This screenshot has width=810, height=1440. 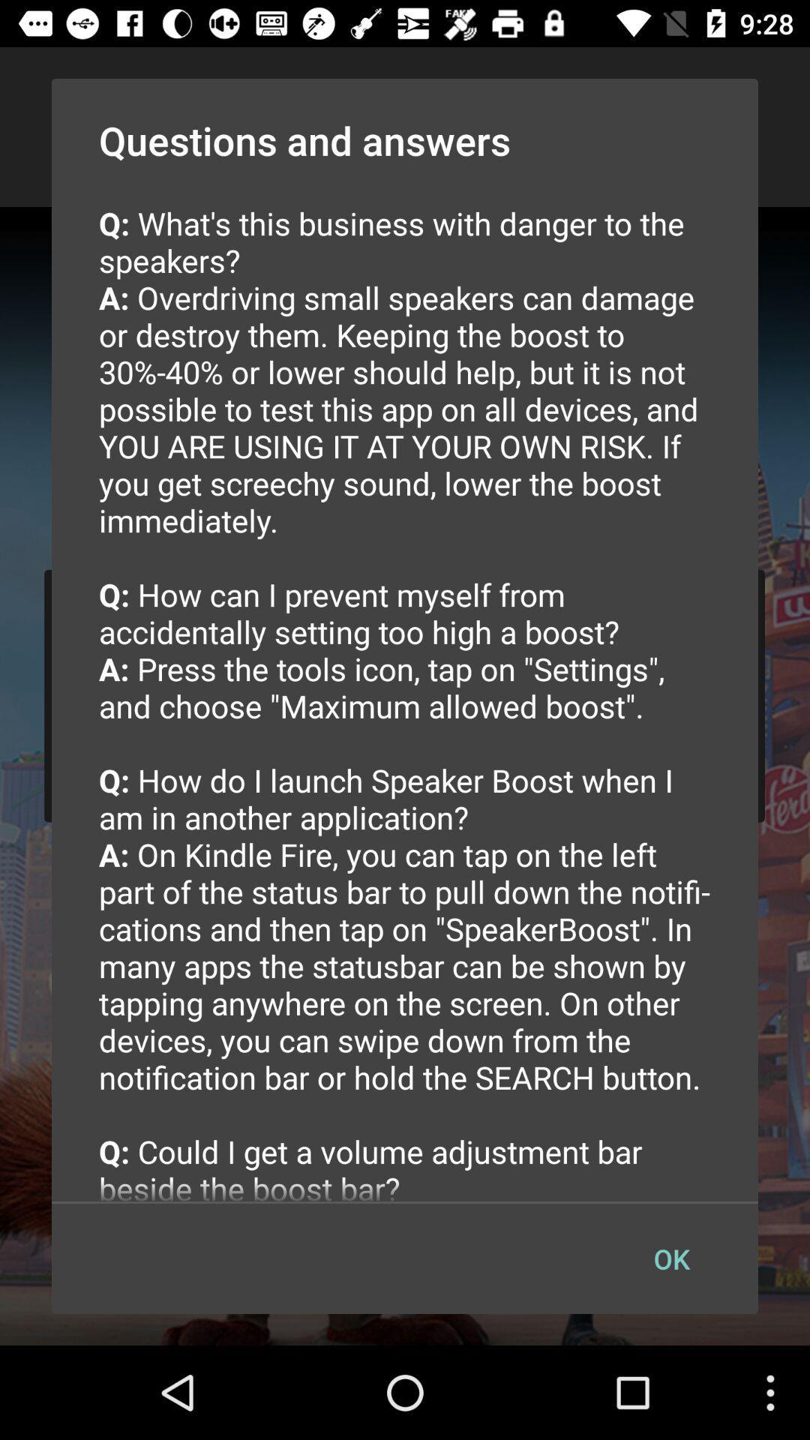 What do you see at coordinates (670, 1258) in the screenshot?
I see `the button at the bottom right corner` at bounding box center [670, 1258].